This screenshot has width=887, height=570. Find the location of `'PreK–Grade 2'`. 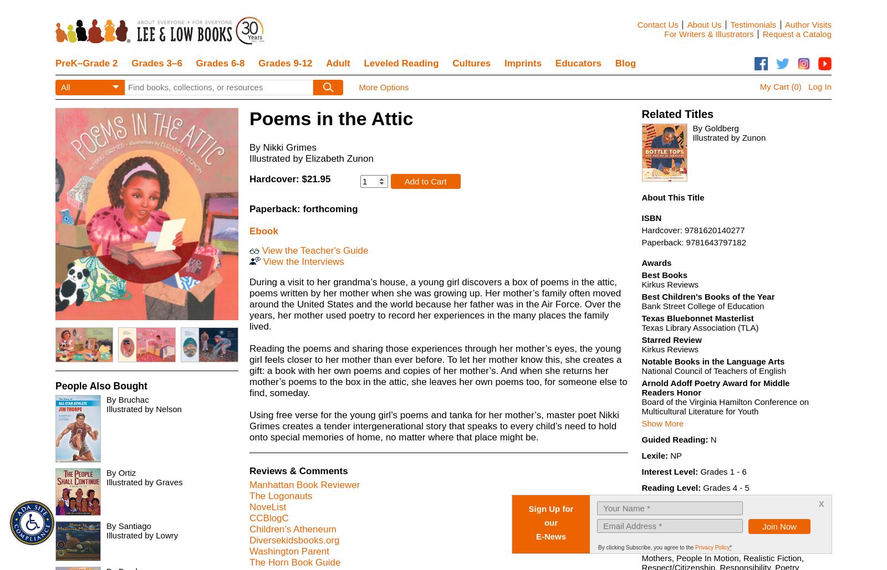

'PreK–Grade 2' is located at coordinates (86, 63).